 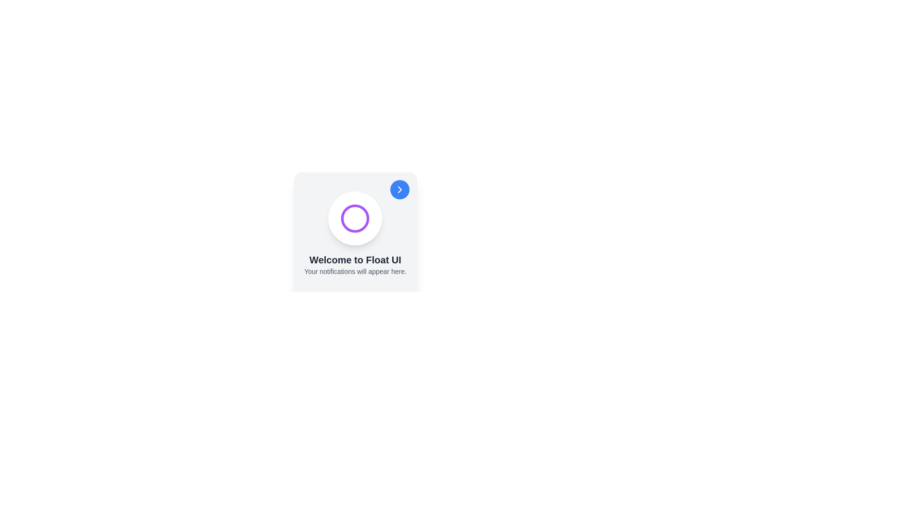 What do you see at coordinates (355, 271) in the screenshot?
I see `the static text label displaying 'Your notifications will appear here.' which is positioned below the title 'Welcome to Float UI.'` at bounding box center [355, 271].